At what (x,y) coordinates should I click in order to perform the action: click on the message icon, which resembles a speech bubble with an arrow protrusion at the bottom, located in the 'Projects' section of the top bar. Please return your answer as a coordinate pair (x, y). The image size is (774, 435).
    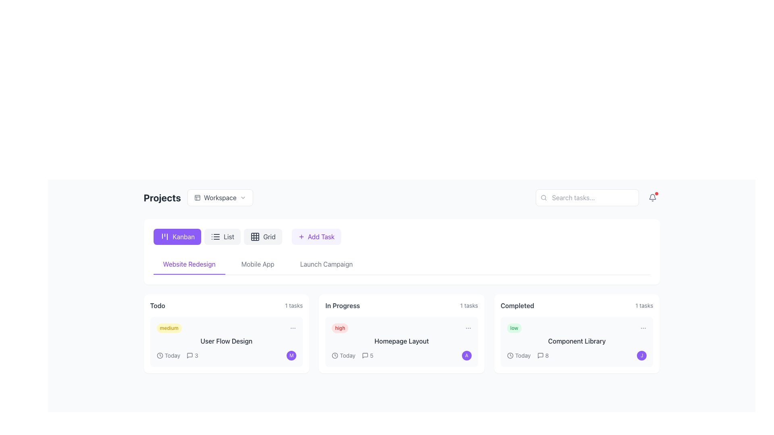
    Looking at the image, I should click on (189, 355).